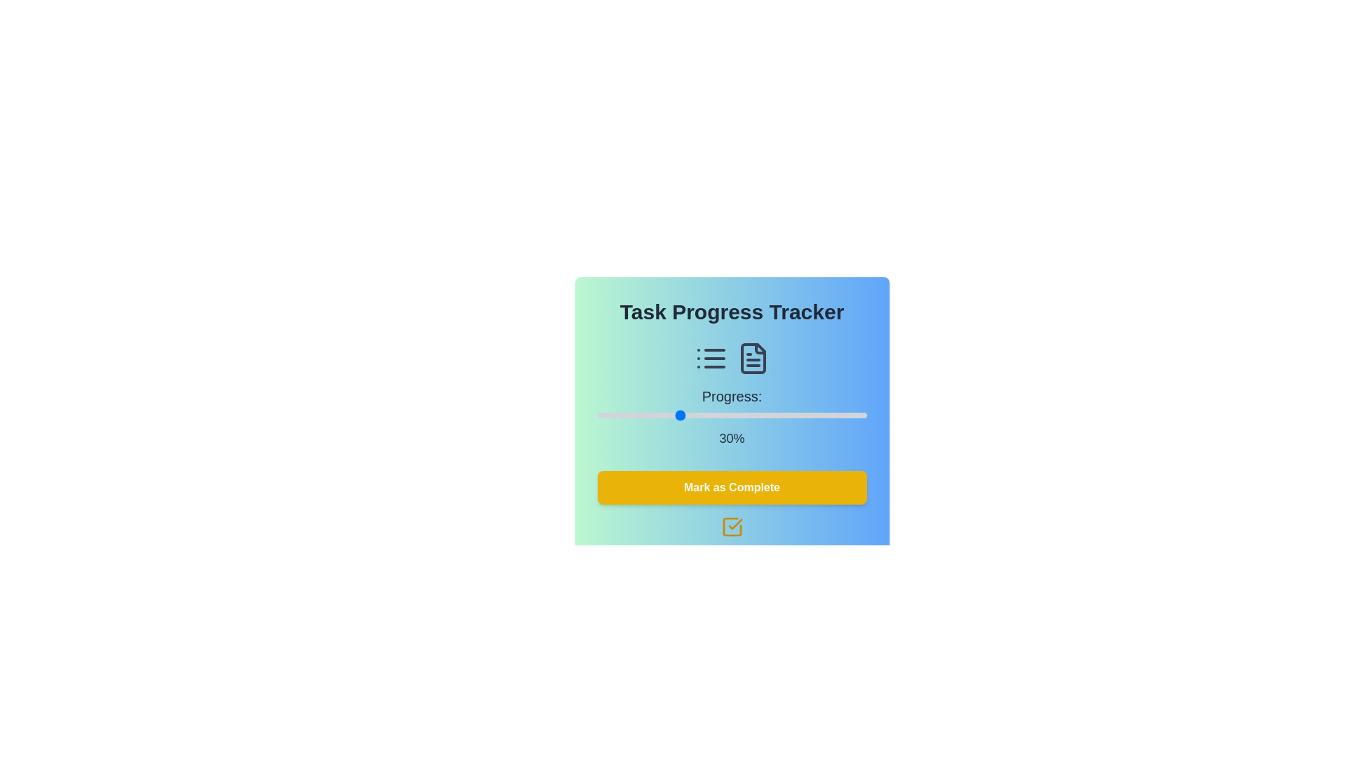  Describe the element at coordinates (815, 414) in the screenshot. I see `the slider to set the progress to 81%` at that location.